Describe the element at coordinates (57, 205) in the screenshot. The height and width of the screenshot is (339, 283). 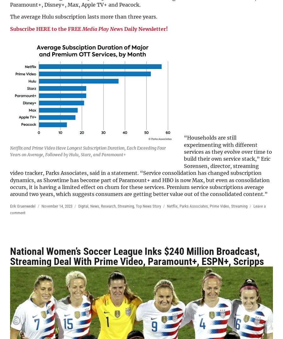
I see `'November 14, 2023'` at that location.